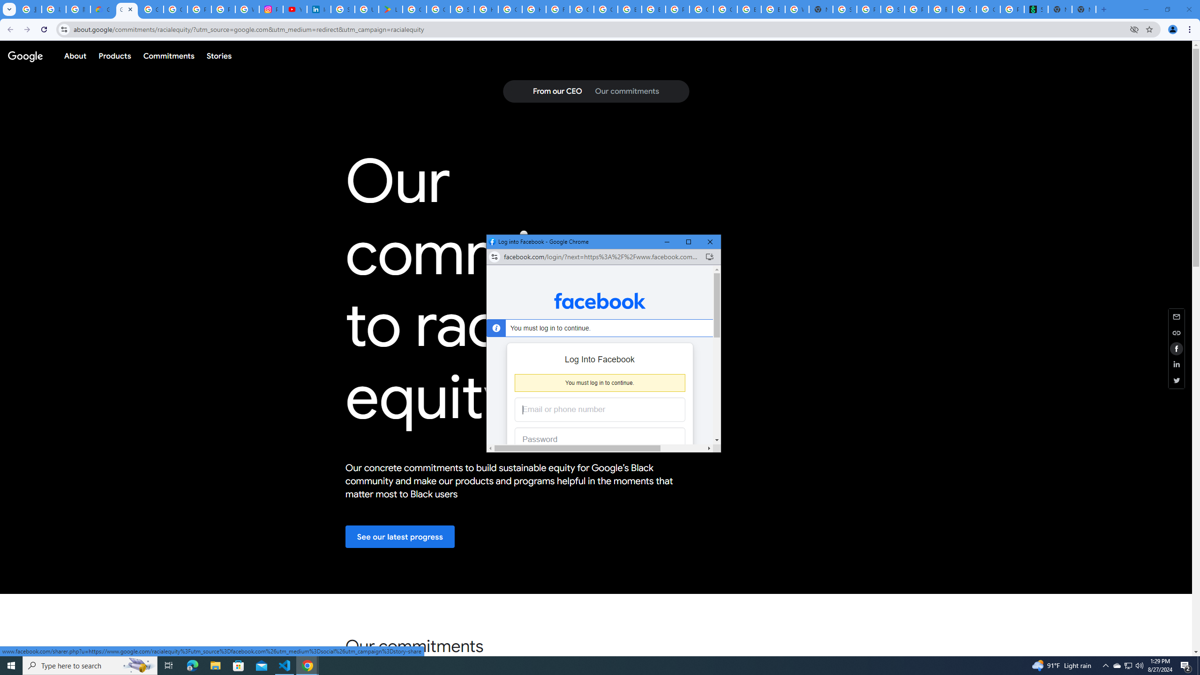 Image resolution: width=1200 pixels, height=675 pixels. Describe the element at coordinates (688, 242) in the screenshot. I see `'Maximize'` at that location.